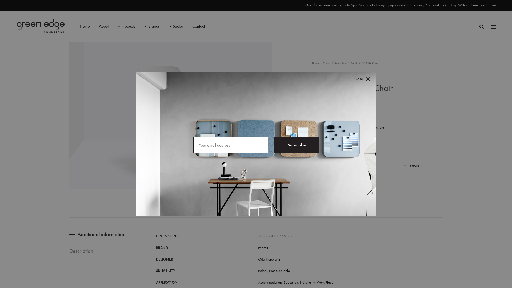 The height and width of the screenshot is (288, 512). I want to click on 'GE-Product-Image-16', so click(170, 115).